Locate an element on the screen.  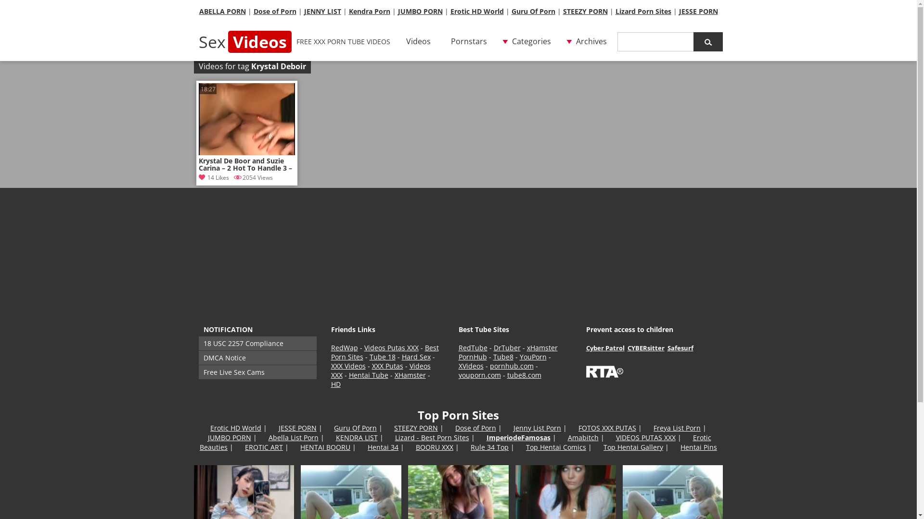
'KENDRA LIST' is located at coordinates (335, 437).